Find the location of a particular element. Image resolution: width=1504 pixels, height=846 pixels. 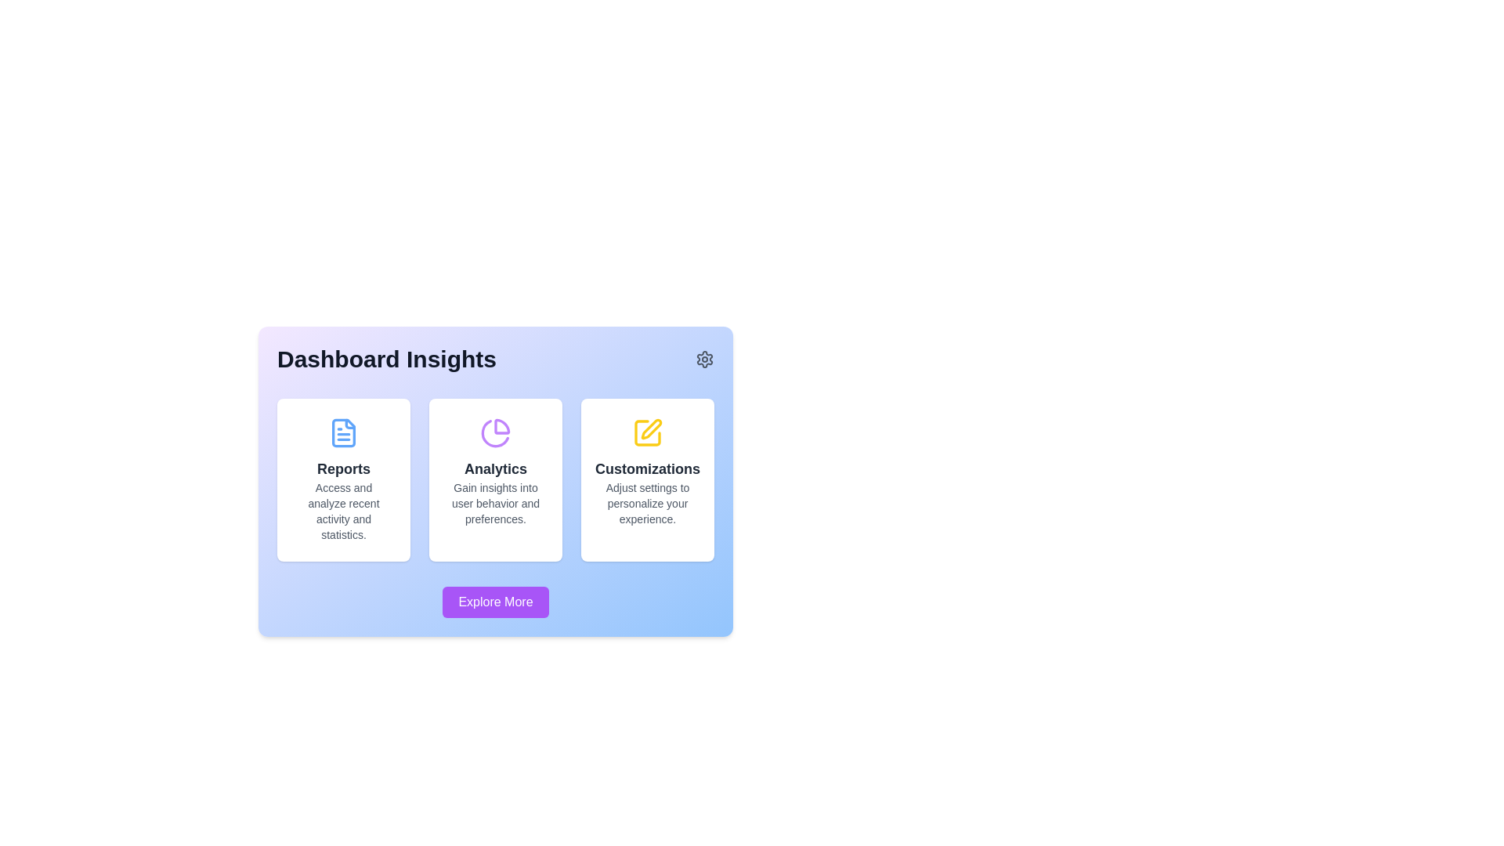

the gear-shaped icon in the top-right section of the 'Dashboard Insights' interface is located at coordinates (704, 360).